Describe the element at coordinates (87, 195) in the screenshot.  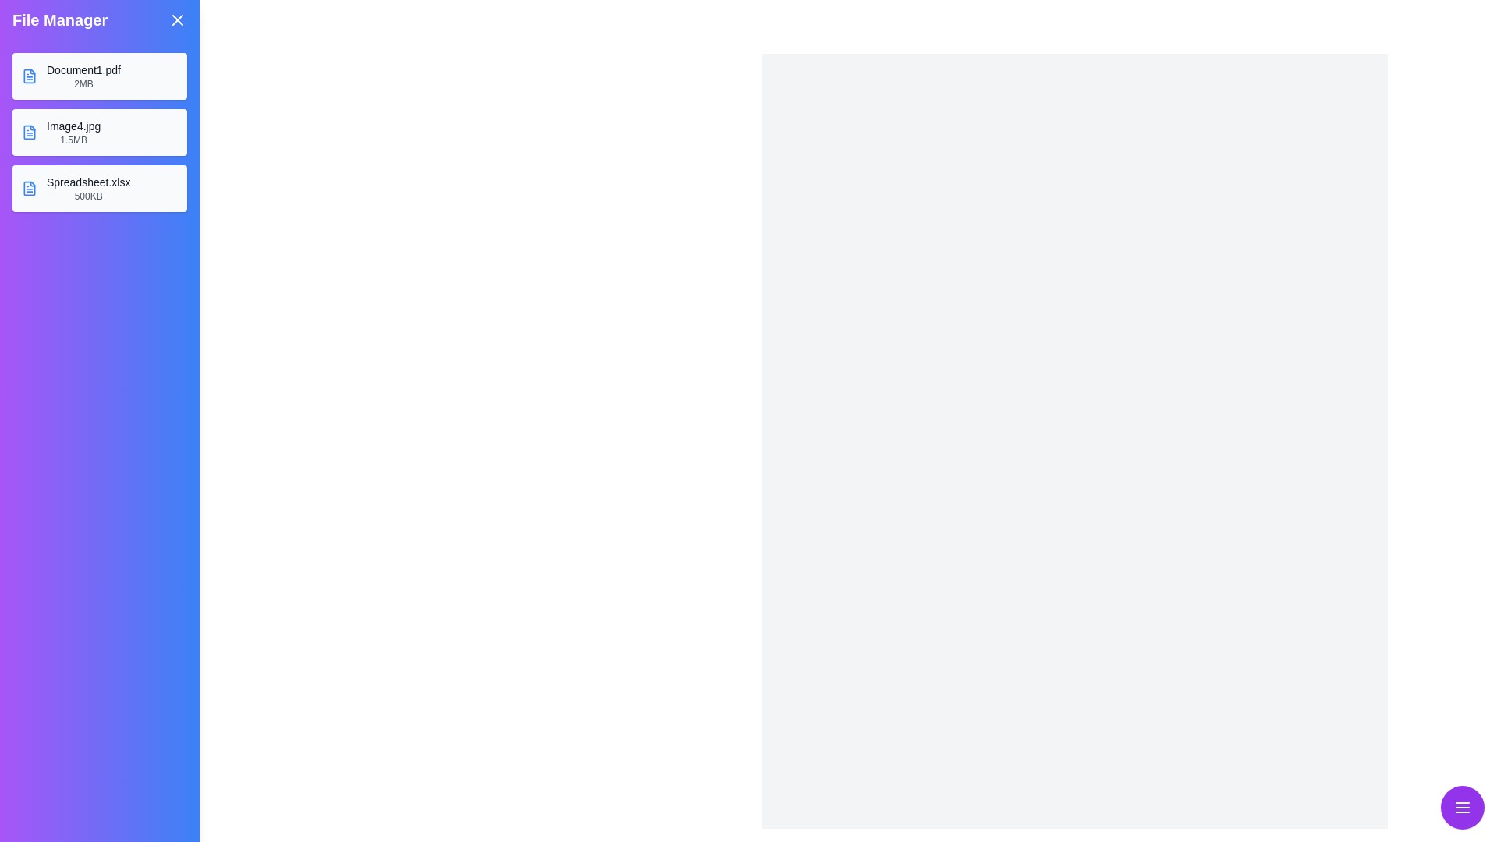
I see `the informational text displaying the file size for 'Spreadsheet.xlsx', located below the file name in the file manager interface` at that location.